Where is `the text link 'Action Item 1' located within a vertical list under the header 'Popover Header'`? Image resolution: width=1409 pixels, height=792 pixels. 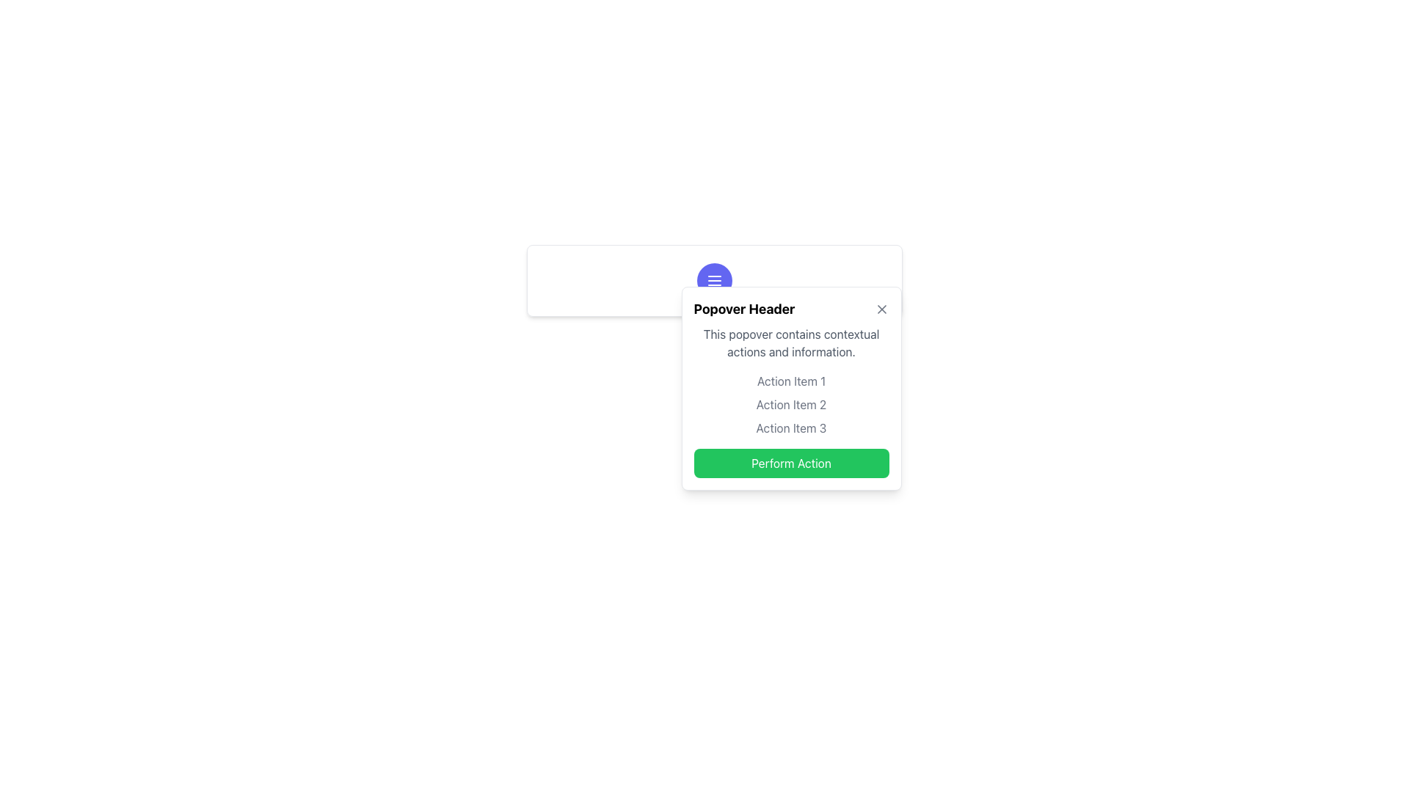
the text link 'Action Item 1' located within a vertical list under the header 'Popover Header' is located at coordinates (790, 381).